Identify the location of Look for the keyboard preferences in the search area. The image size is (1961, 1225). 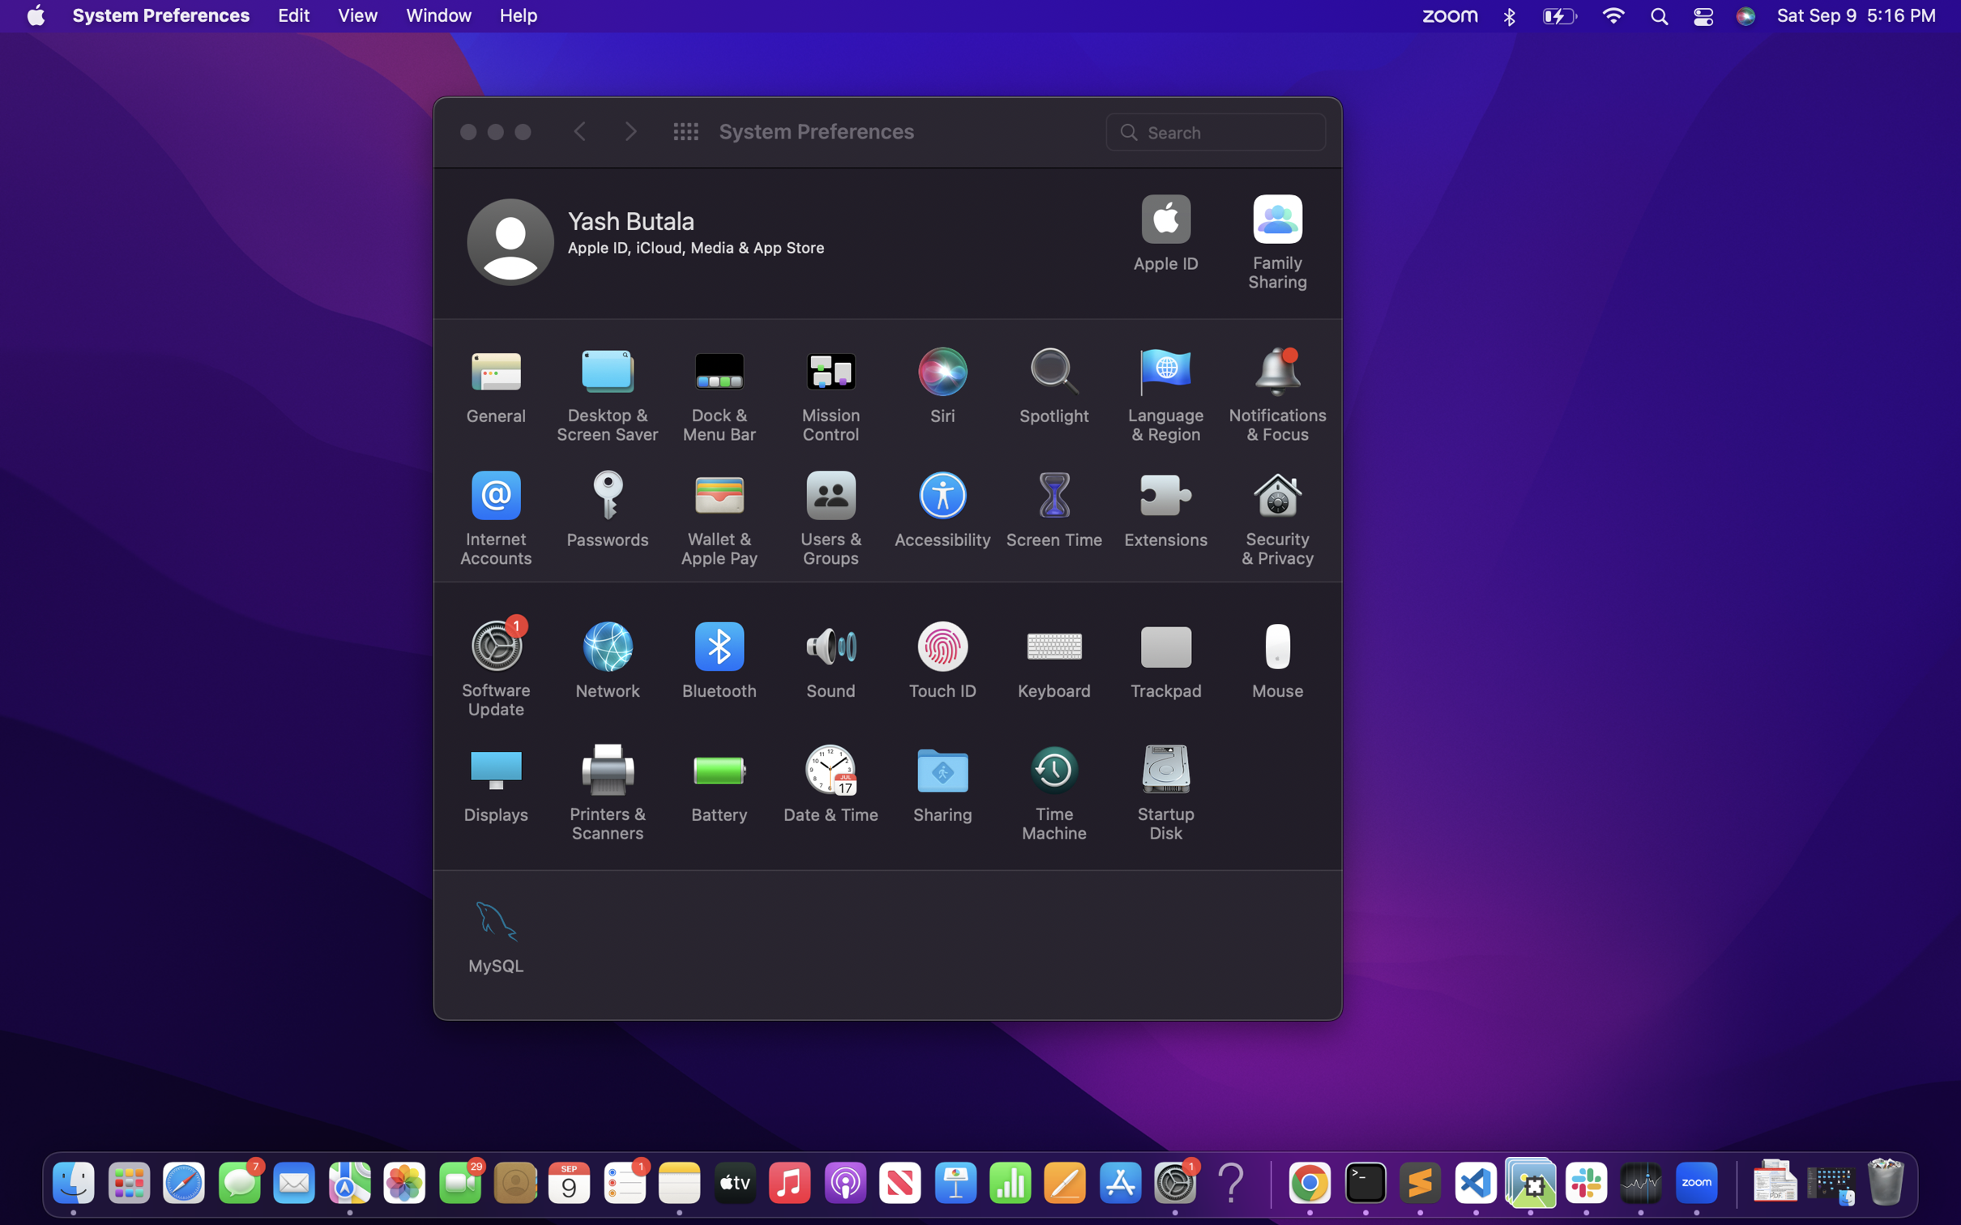
(1217, 130).